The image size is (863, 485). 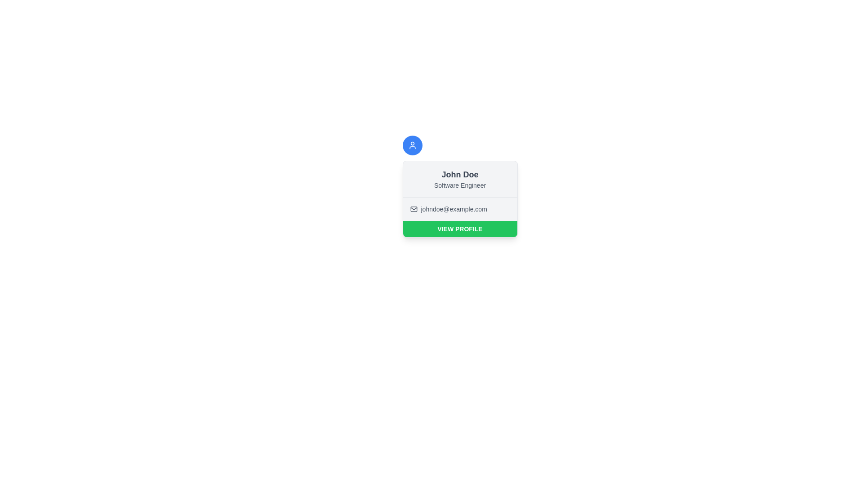 What do you see at coordinates (460, 175) in the screenshot?
I see `the text 'John Doe' to potentially trigger additional visual effects` at bounding box center [460, 175].